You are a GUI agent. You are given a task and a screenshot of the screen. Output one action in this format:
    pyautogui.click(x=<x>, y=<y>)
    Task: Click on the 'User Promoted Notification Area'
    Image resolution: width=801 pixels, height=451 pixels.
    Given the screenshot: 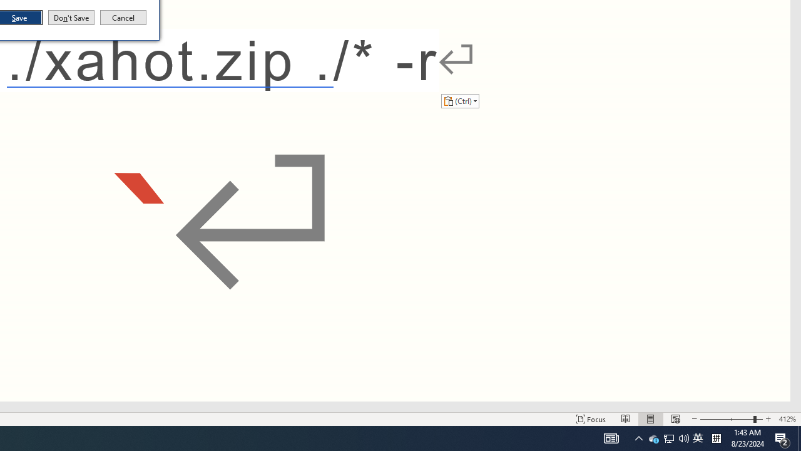 What is the action you would take?
    pyautogui.click(x=668, y=437)
    